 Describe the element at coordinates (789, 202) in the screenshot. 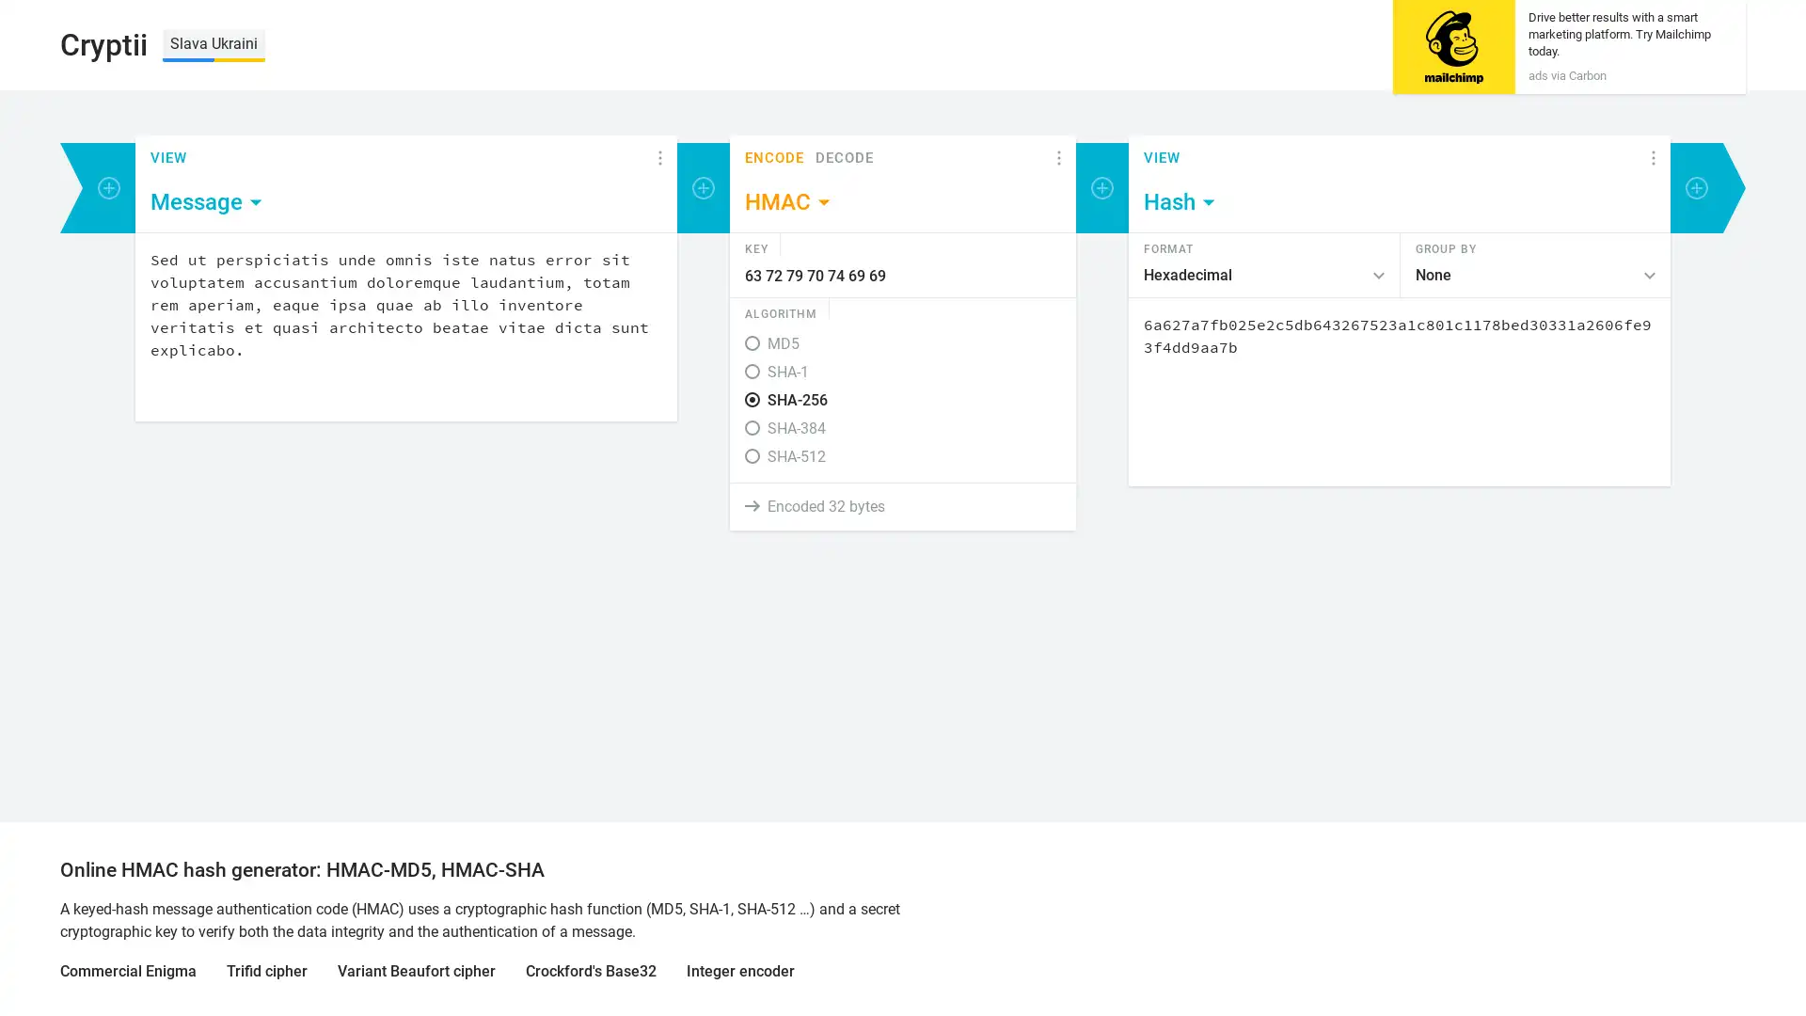

I see `HMAC` at that location.